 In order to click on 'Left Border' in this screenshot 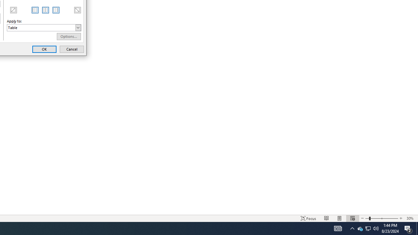, I will do `click(35, 10)`.